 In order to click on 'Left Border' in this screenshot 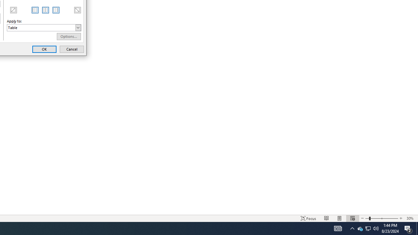, I will do `click(35, 10)`.